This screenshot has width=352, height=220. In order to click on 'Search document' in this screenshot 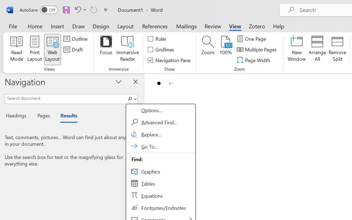, I will do `click(65, 98)`.